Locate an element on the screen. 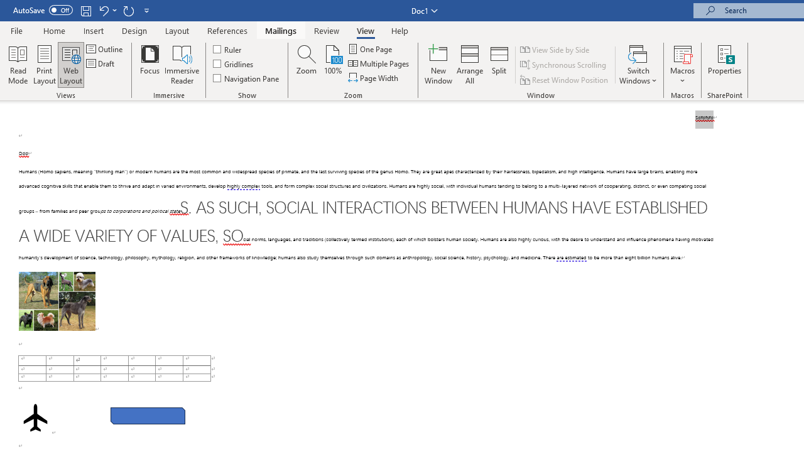 The width and height of the screenshot is (804, 452). 'Repeat Paragraph Alignment' is located at coordinates (128, 10).